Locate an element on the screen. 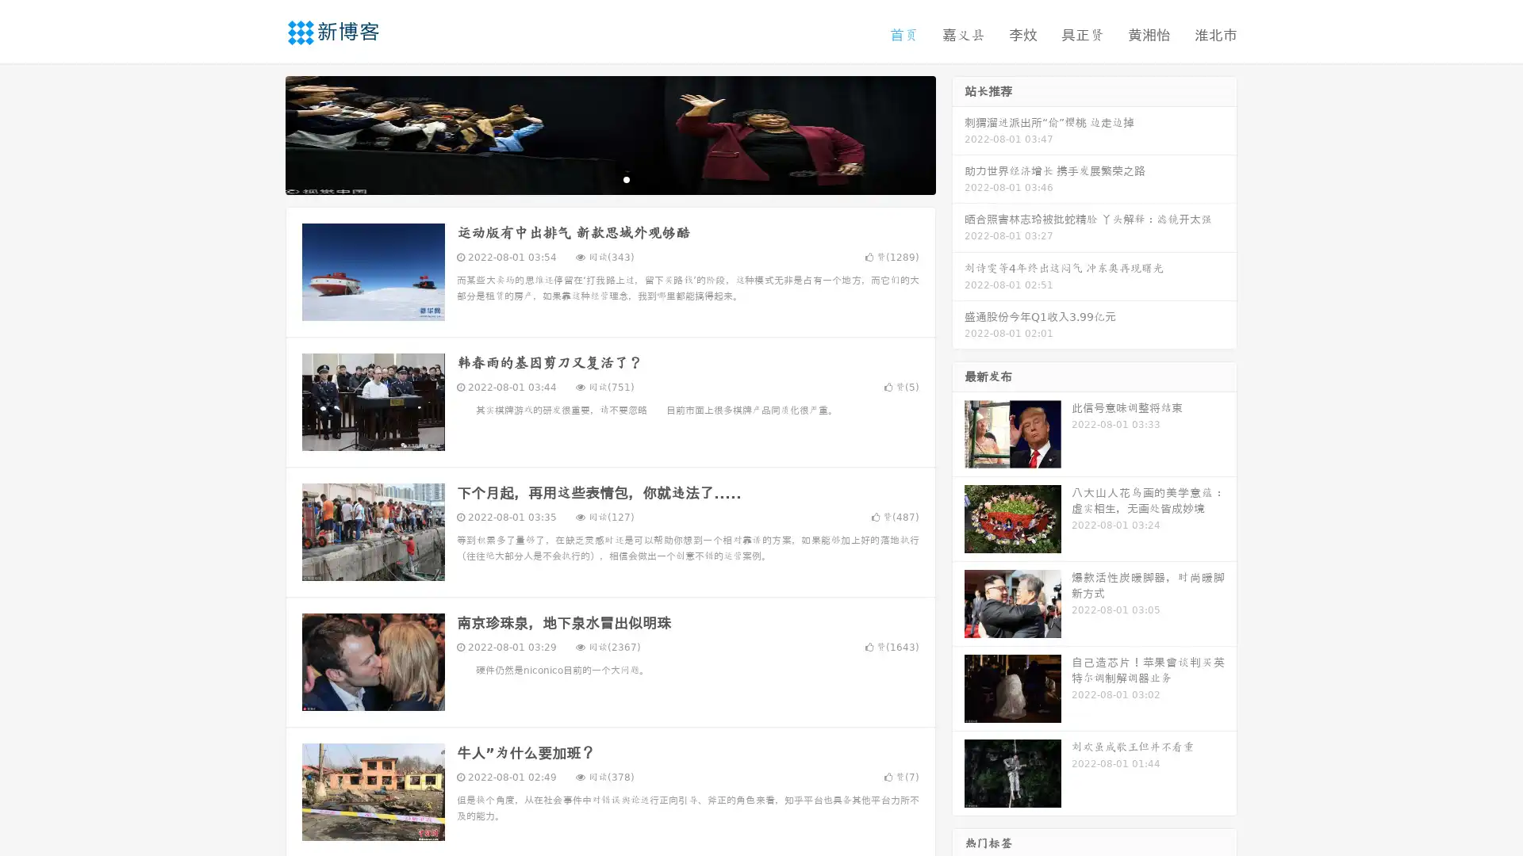 The height and width of the screenshot is (856, 1523). Next slide is located at coordinates (958, 133).